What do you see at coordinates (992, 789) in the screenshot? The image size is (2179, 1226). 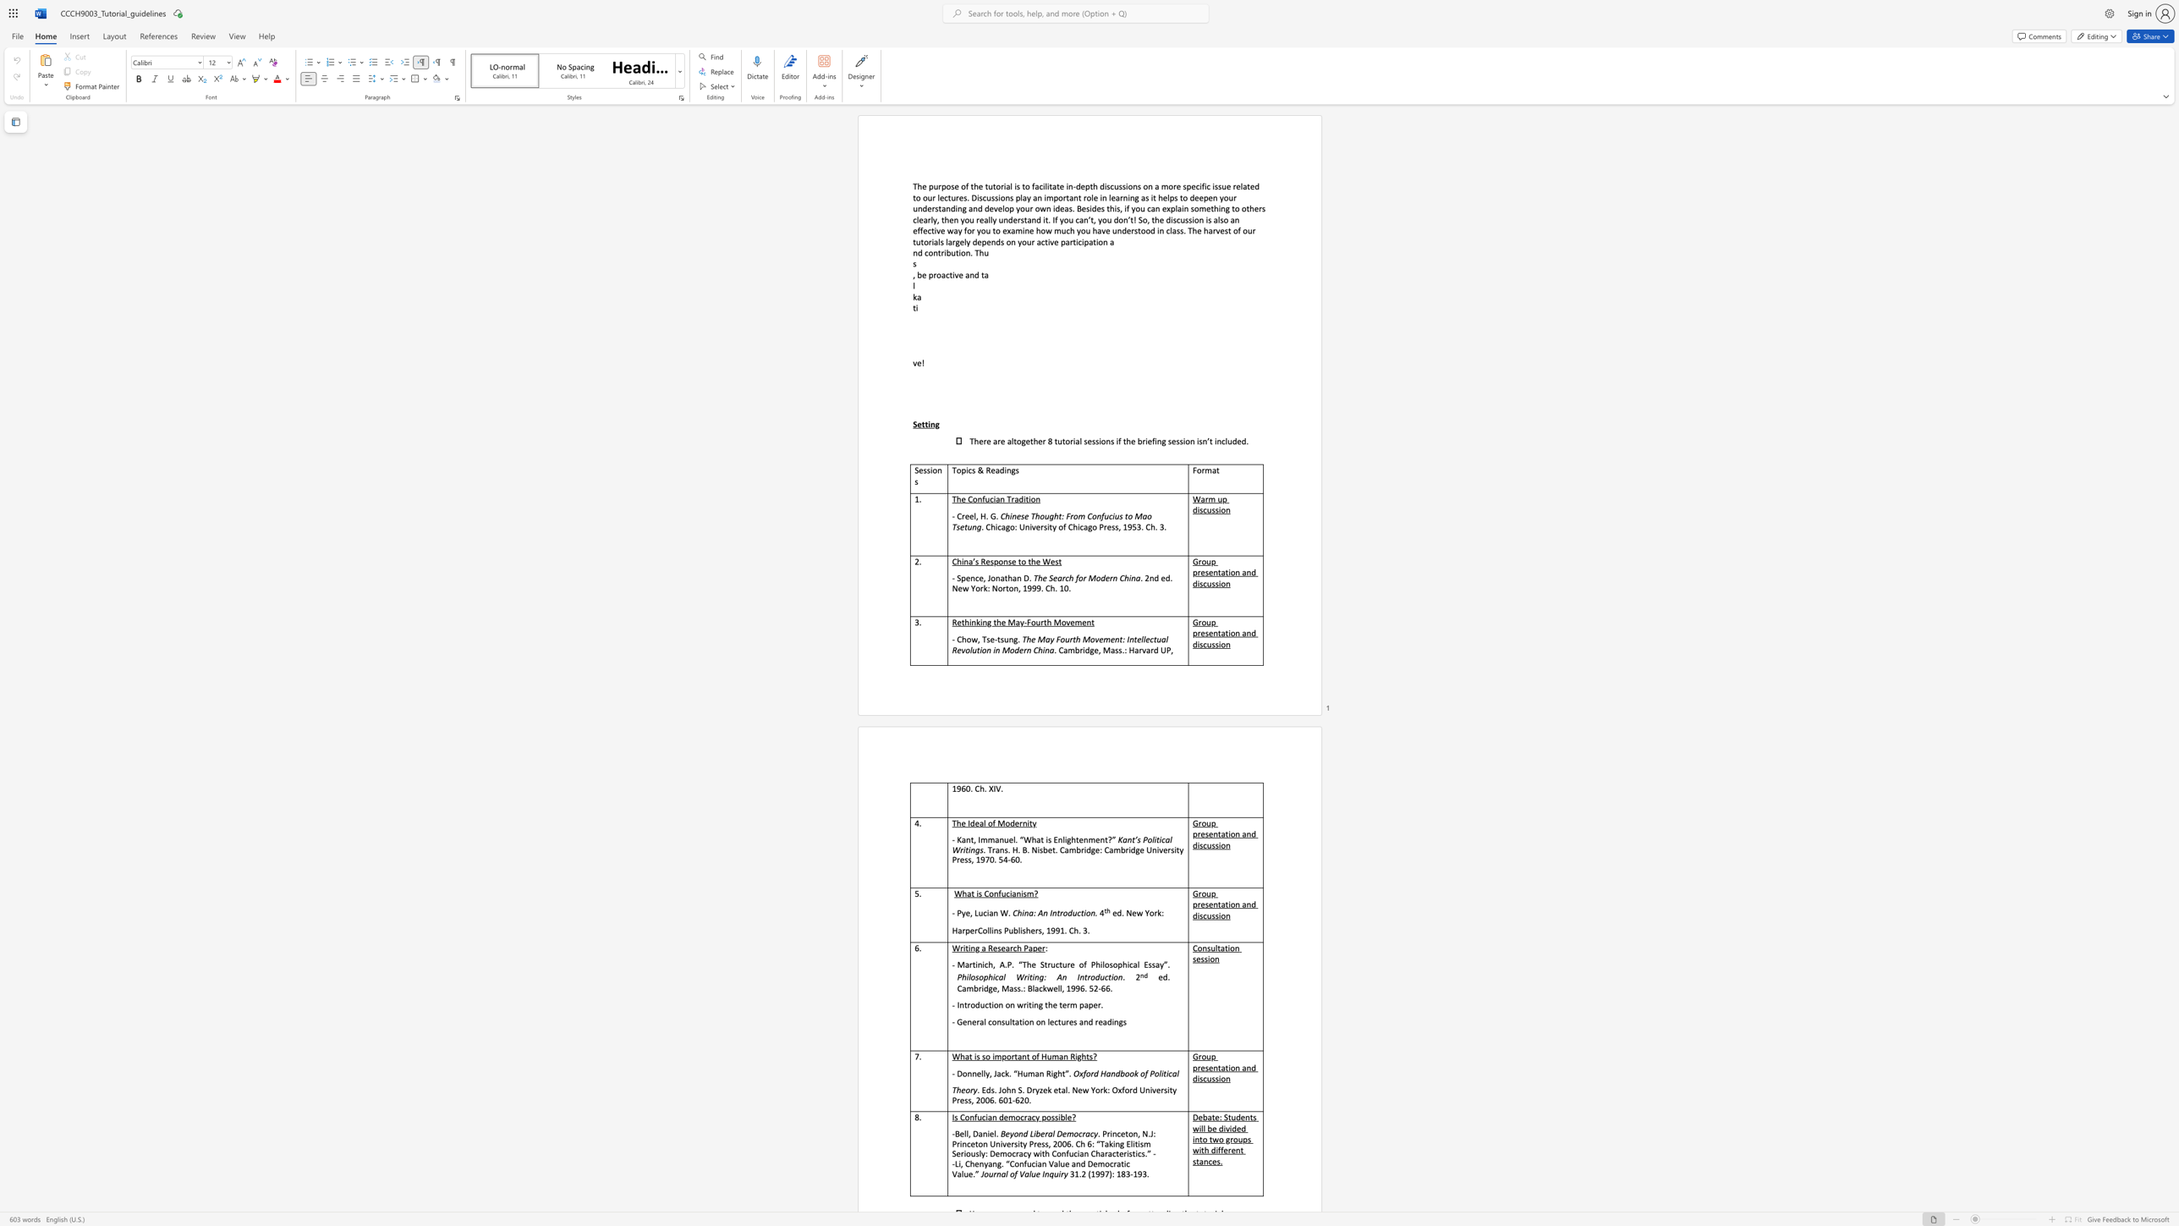 I see `the subset text "IV" within the text "1960. Ch. XIV."` at bounding box center [992, 789].